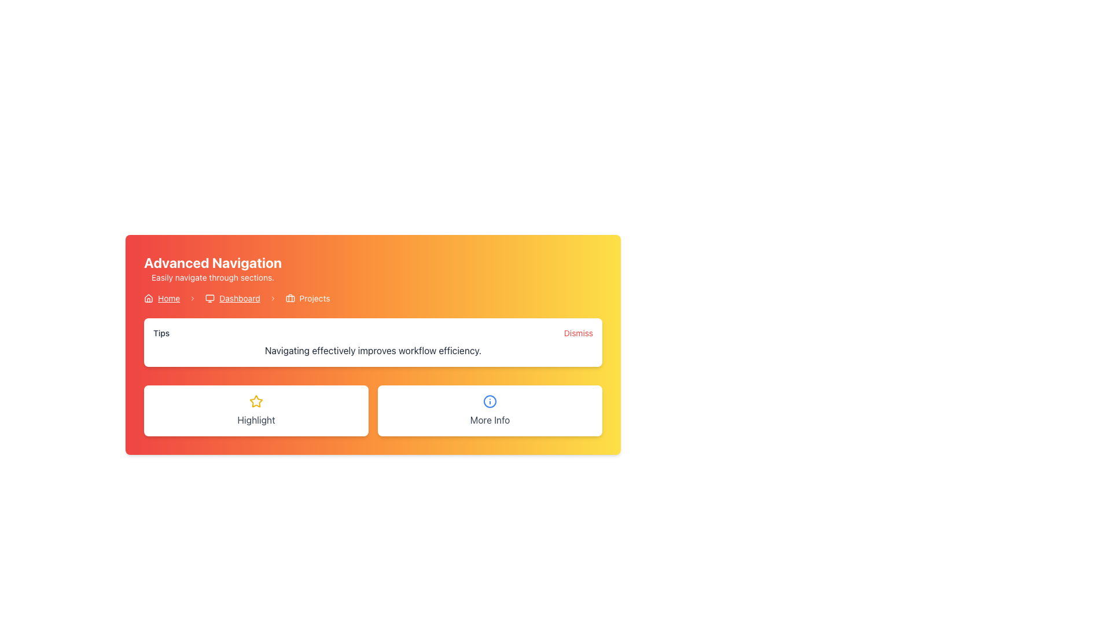 This screenshot has width=1111, height=625. What do you see at coordinates (255, 400) in the screenshot?
I see `the star icon embedded in the 'Highlight' button located in the lower left corner of the interface` at bounding box center [255, 400].